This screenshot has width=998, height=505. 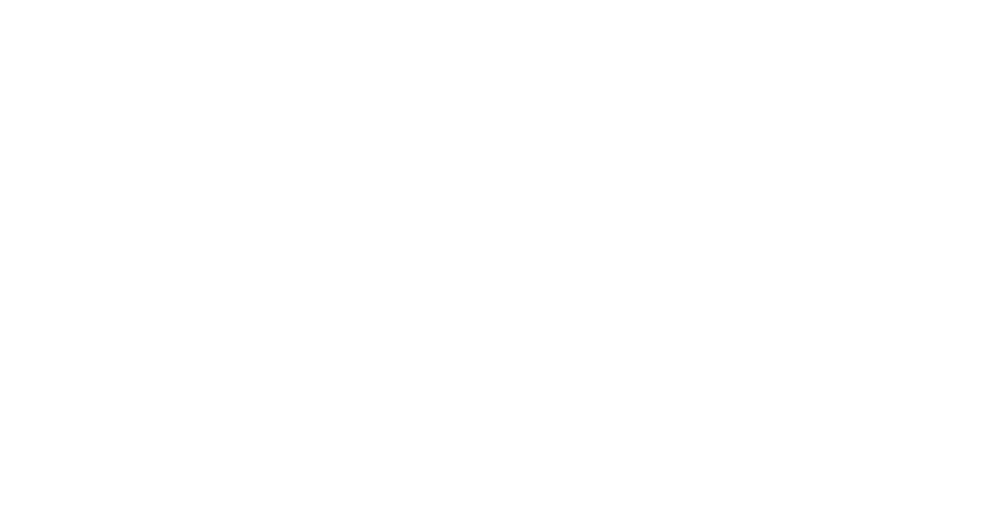 What do you see at coordinates (684, 203) in the screenshot?
I see `'(49)'` at bounding box center [684, 203].